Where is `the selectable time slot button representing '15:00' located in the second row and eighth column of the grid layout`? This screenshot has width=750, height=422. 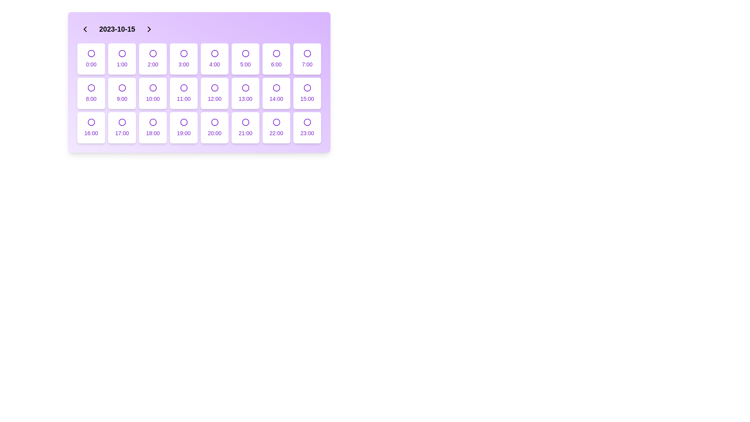 the selectable time slot button representing '15:00' located in the second row and eighth column of the grid layout is located at coordinates (307, 93).